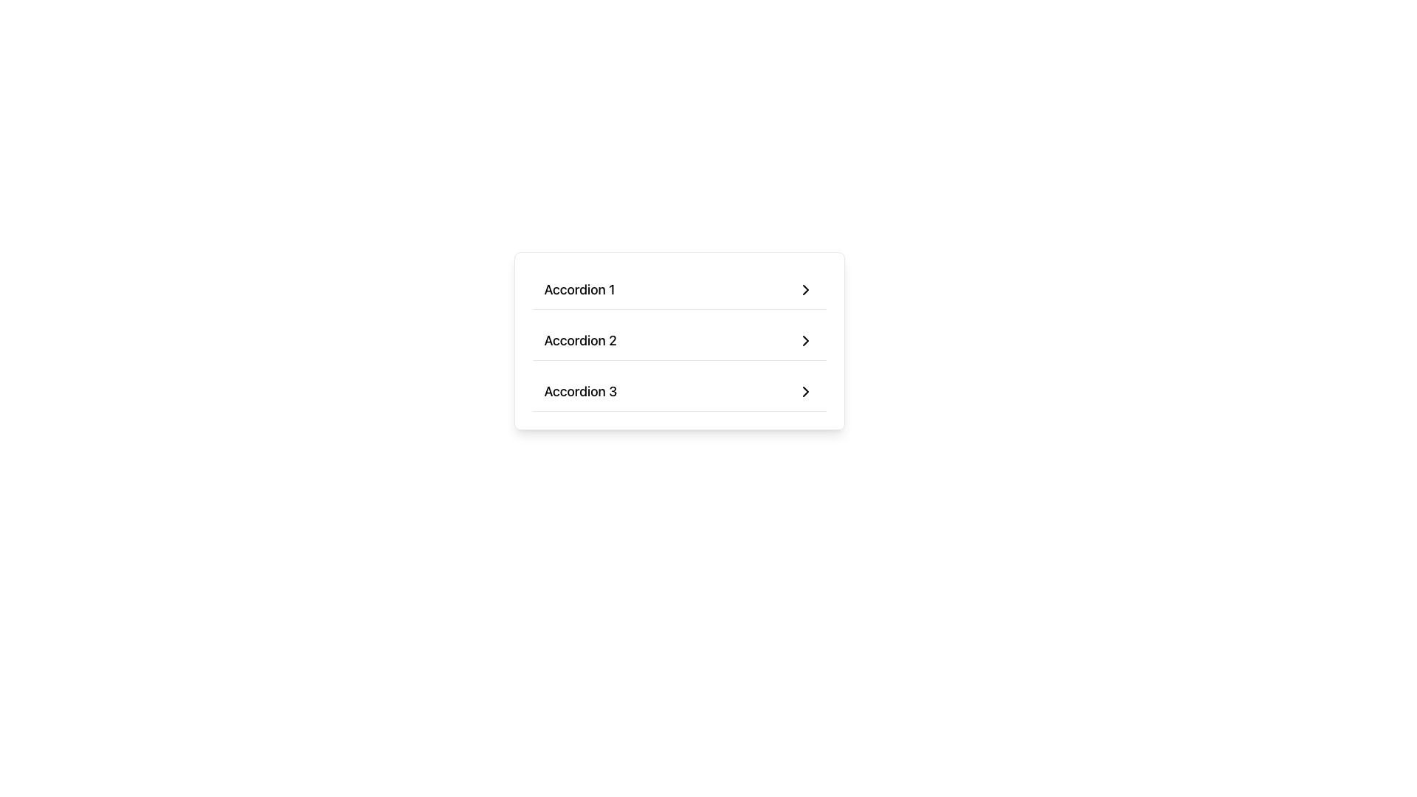  I want to click on the Chevron icon located to the far right of the second item in the vertically stacked accordion menu, so click(804, 341).